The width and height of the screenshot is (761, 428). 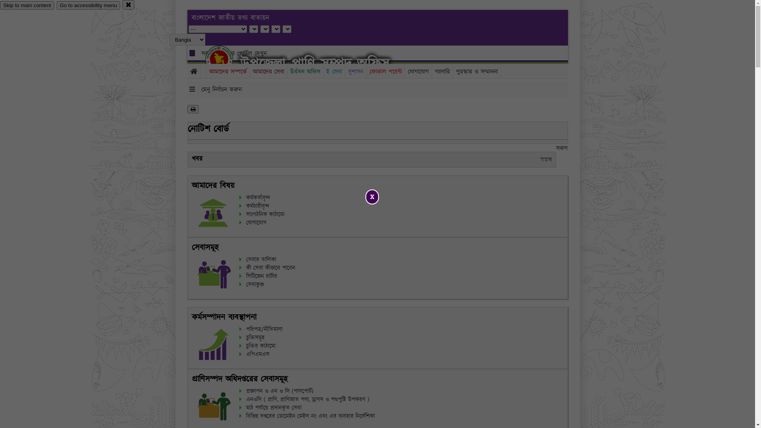 What do you see at coordinates (0, 5) in the screenshot?
I see `'Skip to main content'` at bounding box center [0, 5].